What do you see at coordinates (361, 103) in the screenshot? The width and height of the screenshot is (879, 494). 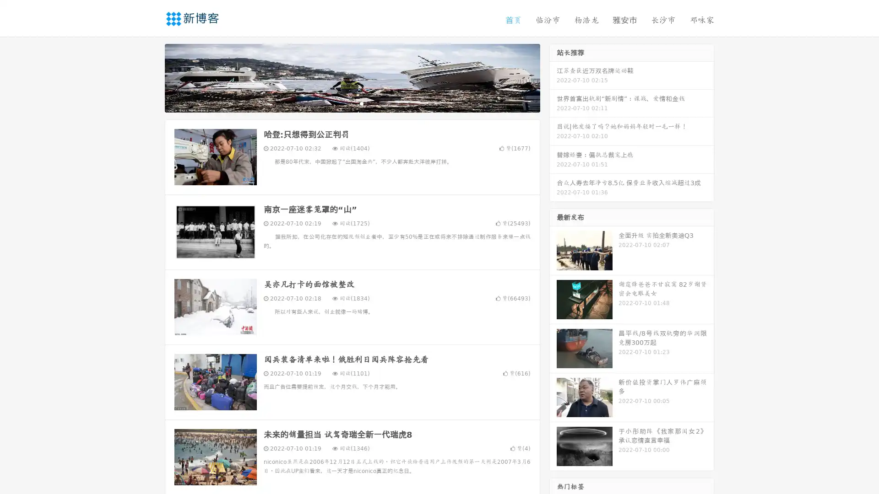 I see `Go to slide 3` at bounding box center [361, 103].